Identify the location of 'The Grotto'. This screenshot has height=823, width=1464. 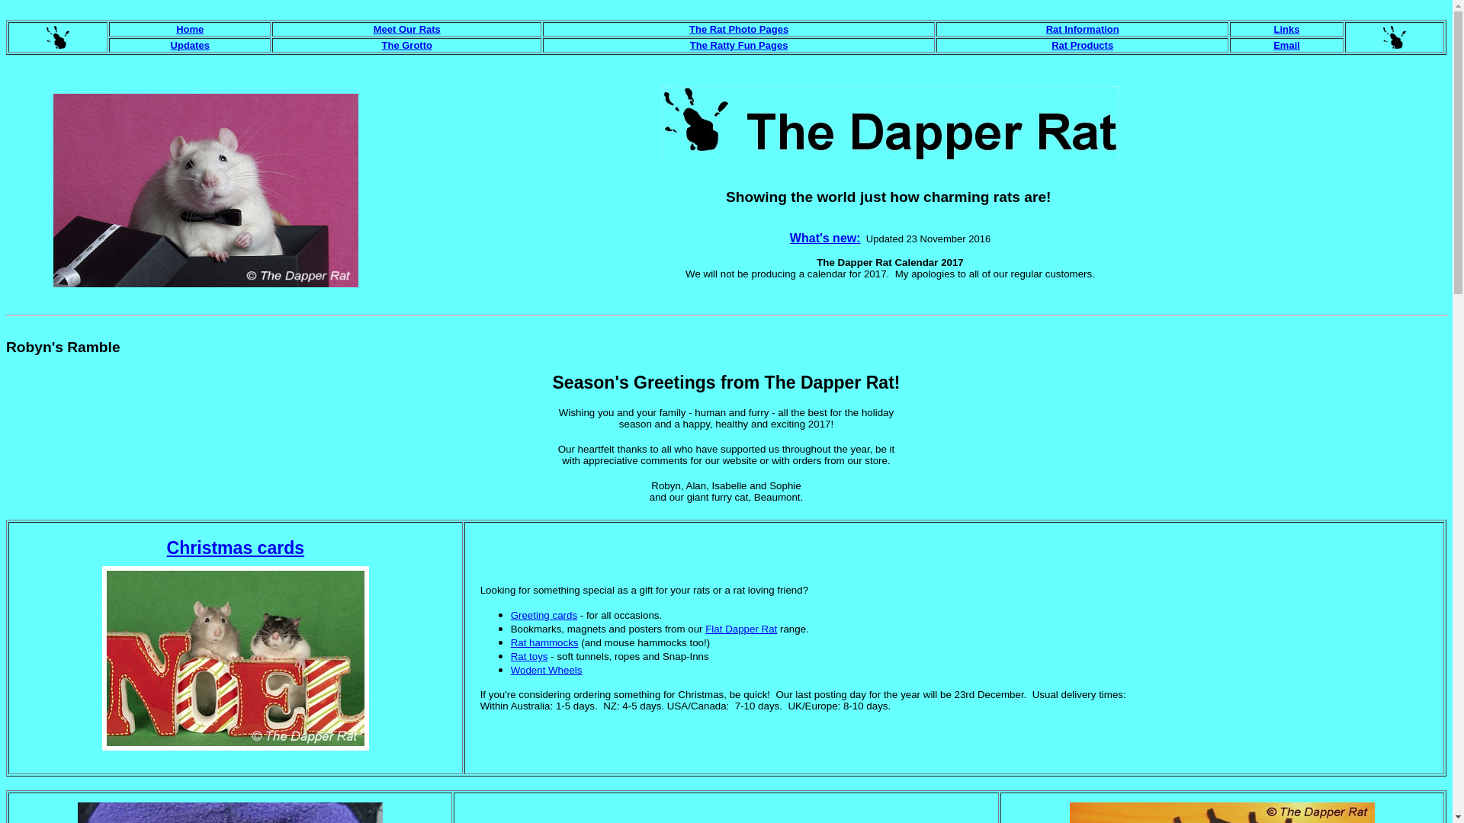
(406, 44).